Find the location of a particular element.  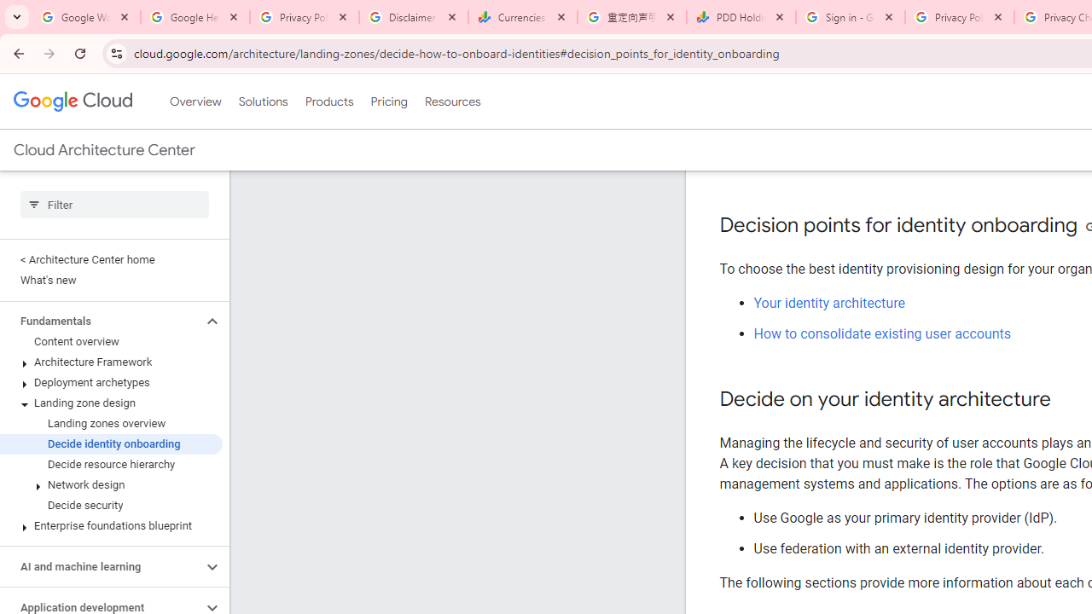

'Resources' is located at coordinates (452, 101).